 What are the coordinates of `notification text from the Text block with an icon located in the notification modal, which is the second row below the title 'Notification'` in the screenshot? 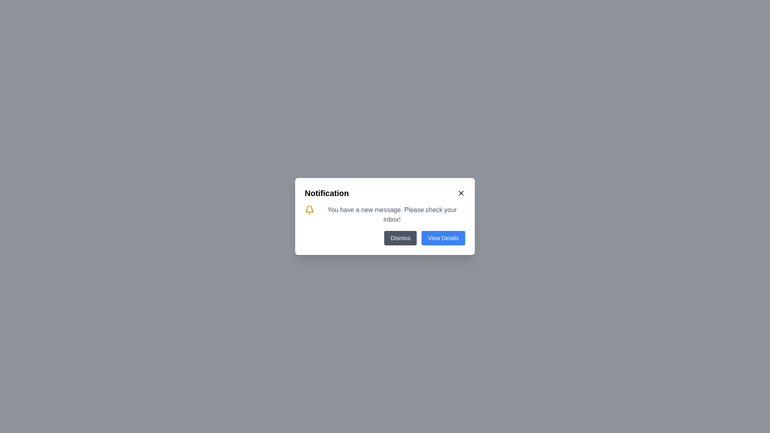 It's located at (385, 214).